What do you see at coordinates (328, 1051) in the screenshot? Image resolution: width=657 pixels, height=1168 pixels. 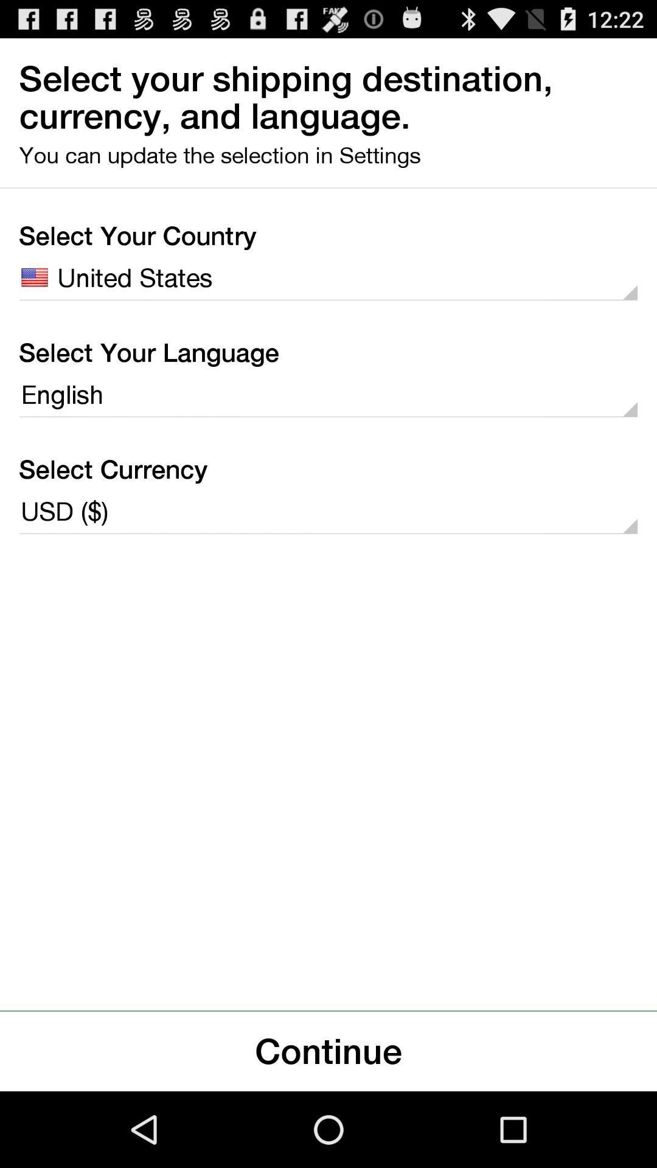 I see `the continue` at bounding box center [328, 1051].